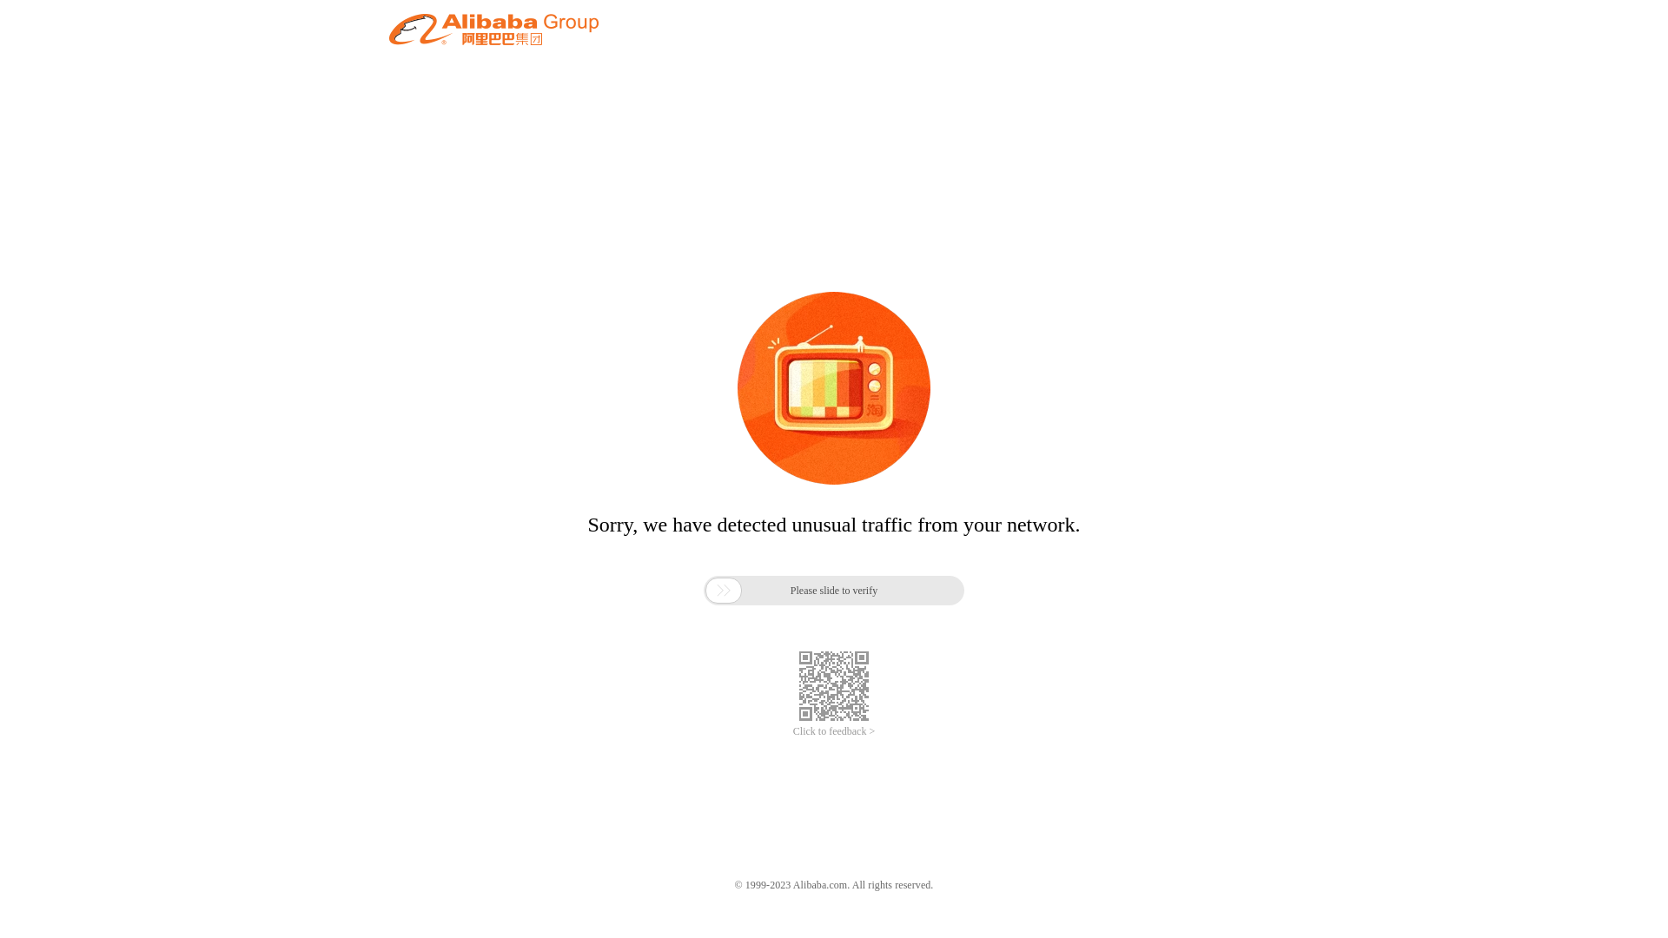 This screenshot has height=938, width=1668. What do you see at coordinates (791, 731) in the screenshot?
I see `'Click to feedback >'` at bounding box center [791, 731].